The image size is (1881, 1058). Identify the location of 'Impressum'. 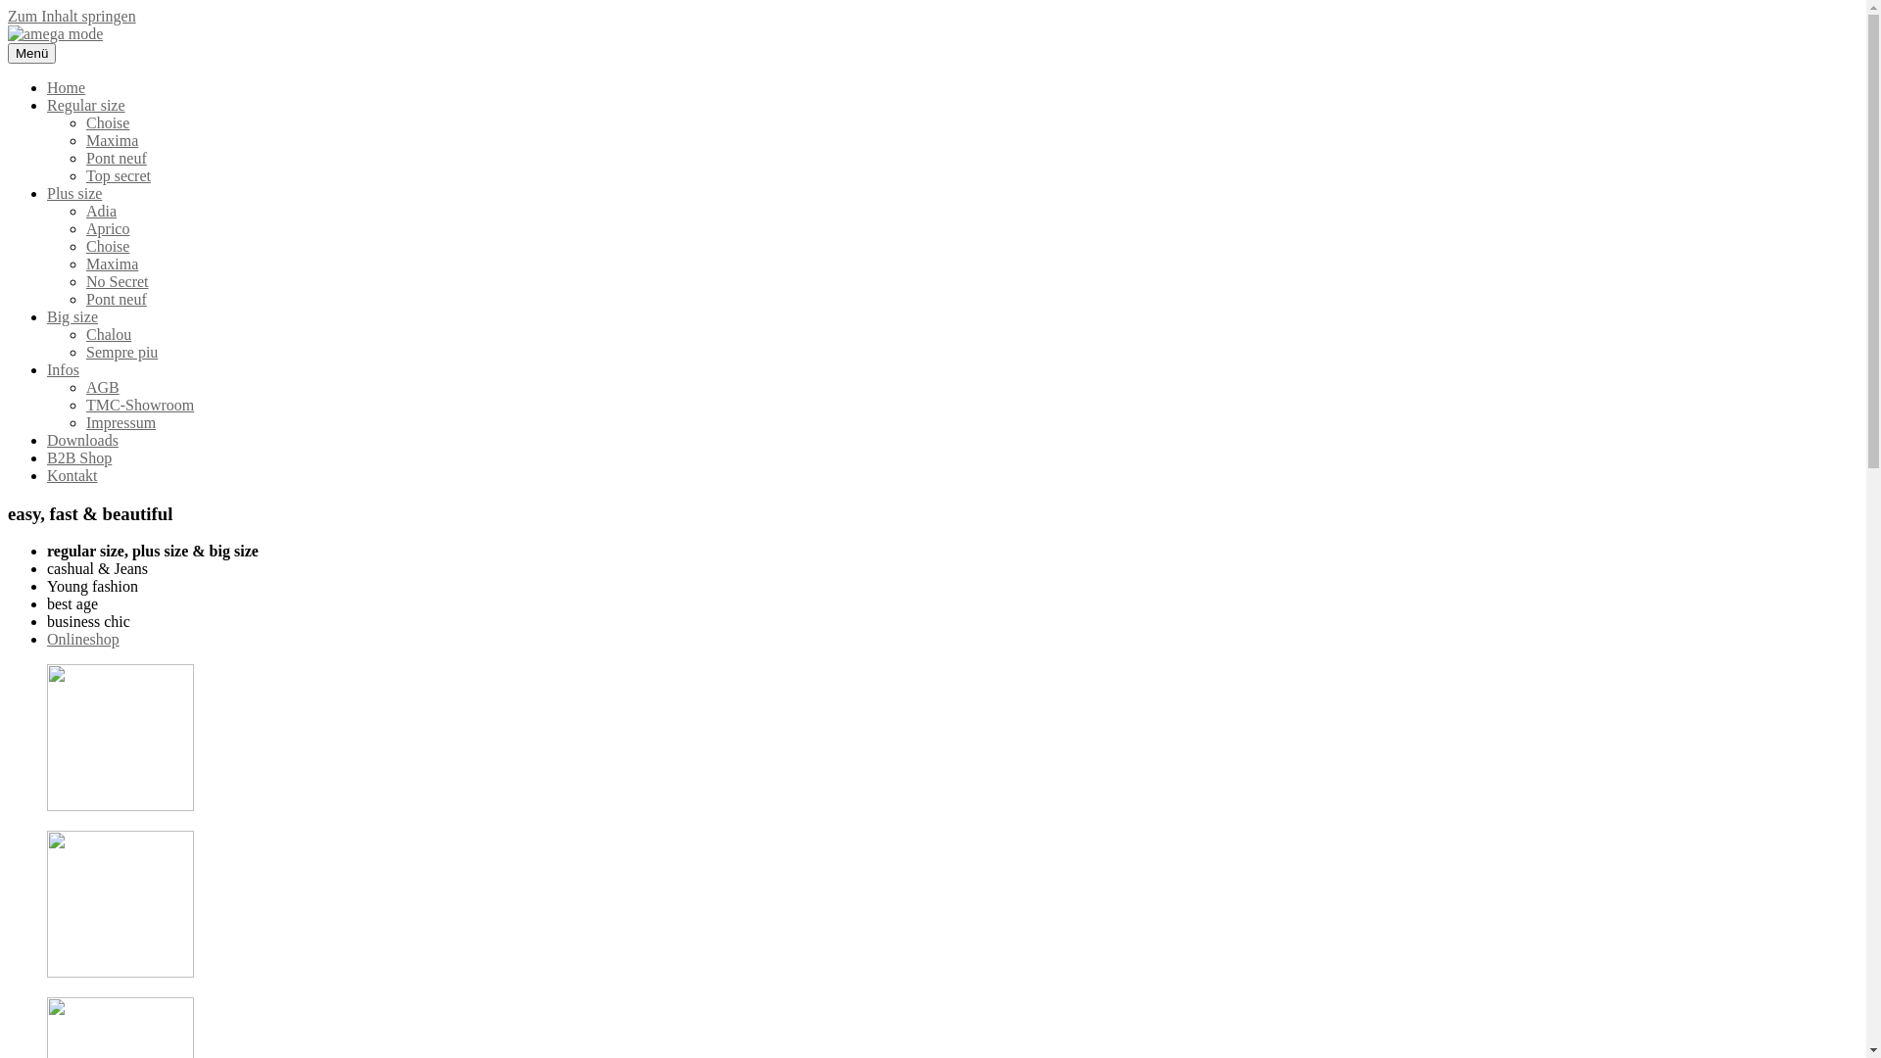
(84, 421).